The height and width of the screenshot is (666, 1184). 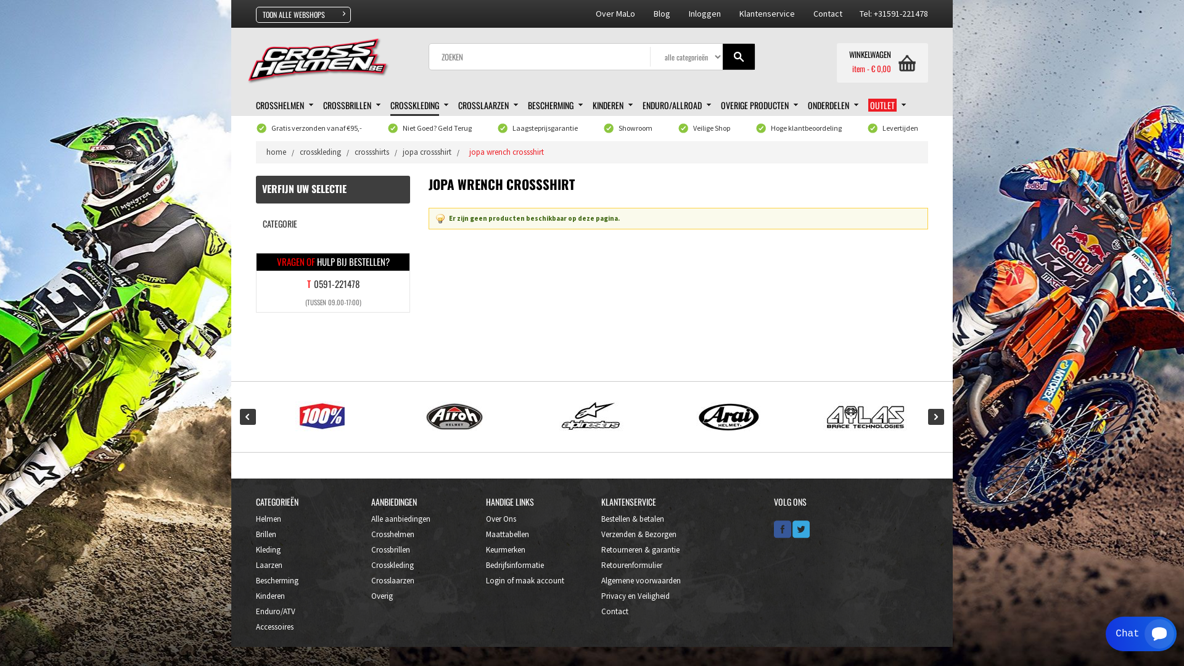 What do you see at coordinates (900, 128) in the screenshot?
I see `'Levertijden'` at bounding box center [900, 128].